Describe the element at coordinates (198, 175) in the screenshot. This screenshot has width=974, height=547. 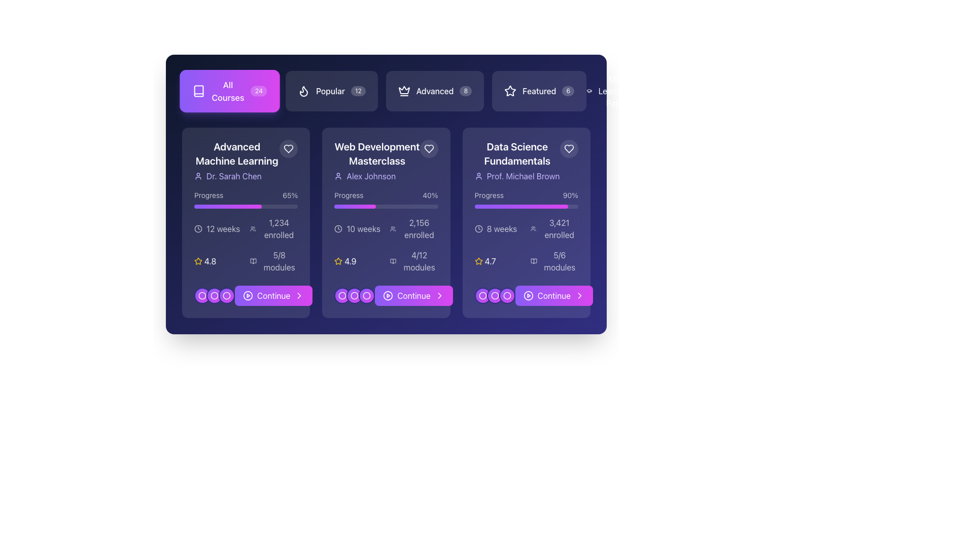
I see `the icon located directly to the left of the text label 'Dr. Sarah Chen', which serves as a visual indicator for the user or instructor associated with the content` at that location.